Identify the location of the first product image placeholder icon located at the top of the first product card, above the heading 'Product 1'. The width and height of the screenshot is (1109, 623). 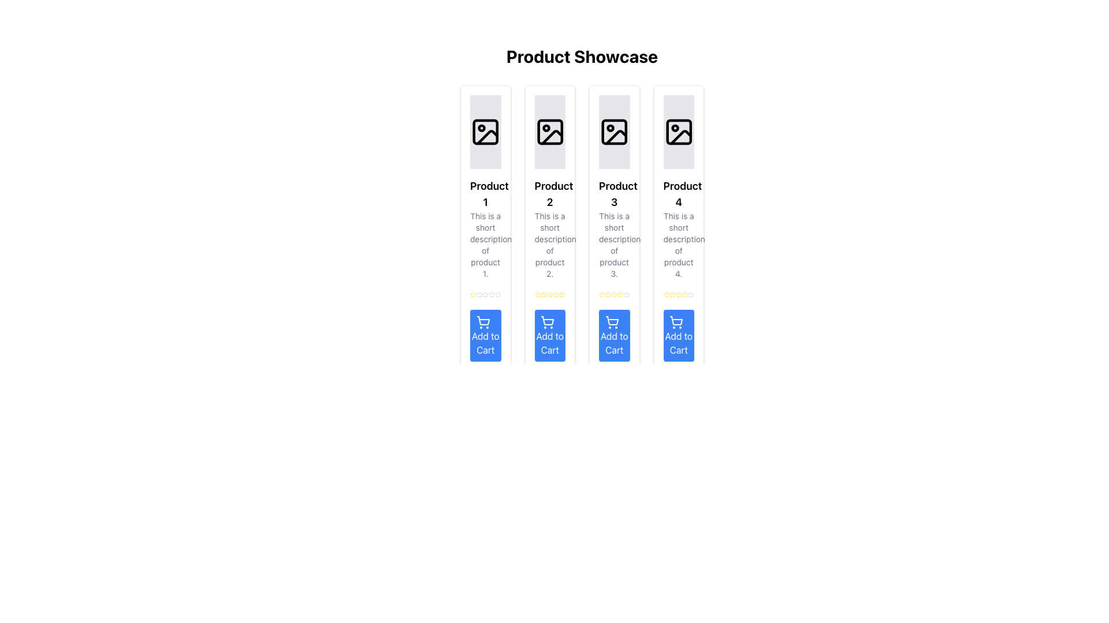
(485, 131).